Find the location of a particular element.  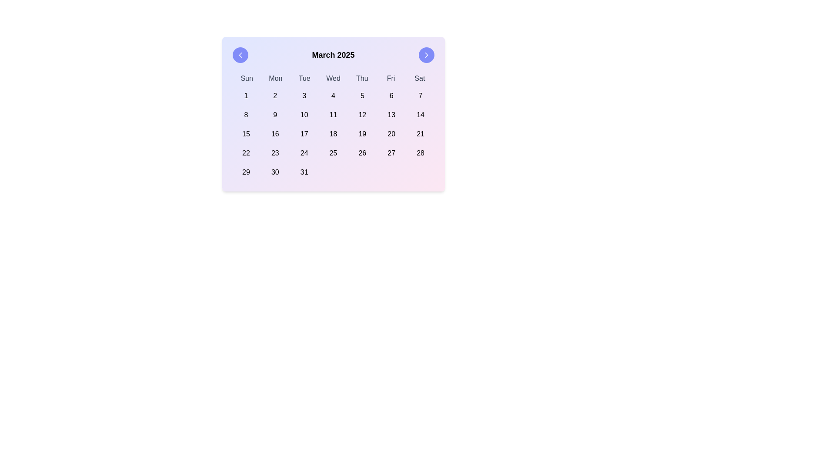

the selectable day button in the first column of the fourth row in the calendar grid is located at coordinates (245, 153).